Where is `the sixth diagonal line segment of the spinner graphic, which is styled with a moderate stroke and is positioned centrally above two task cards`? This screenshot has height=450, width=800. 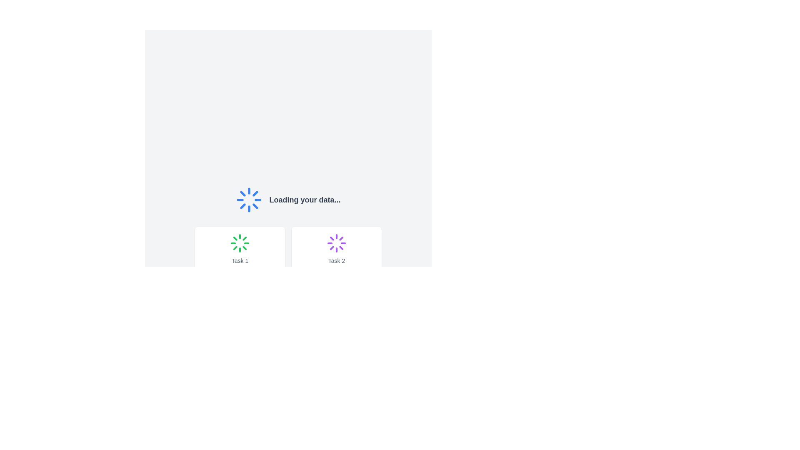
the sixth diagonal line segment of the spinner graphic, which is styled with a moderate stroke and is positioned centrally above two task cards is located at coordinates (252, 192).